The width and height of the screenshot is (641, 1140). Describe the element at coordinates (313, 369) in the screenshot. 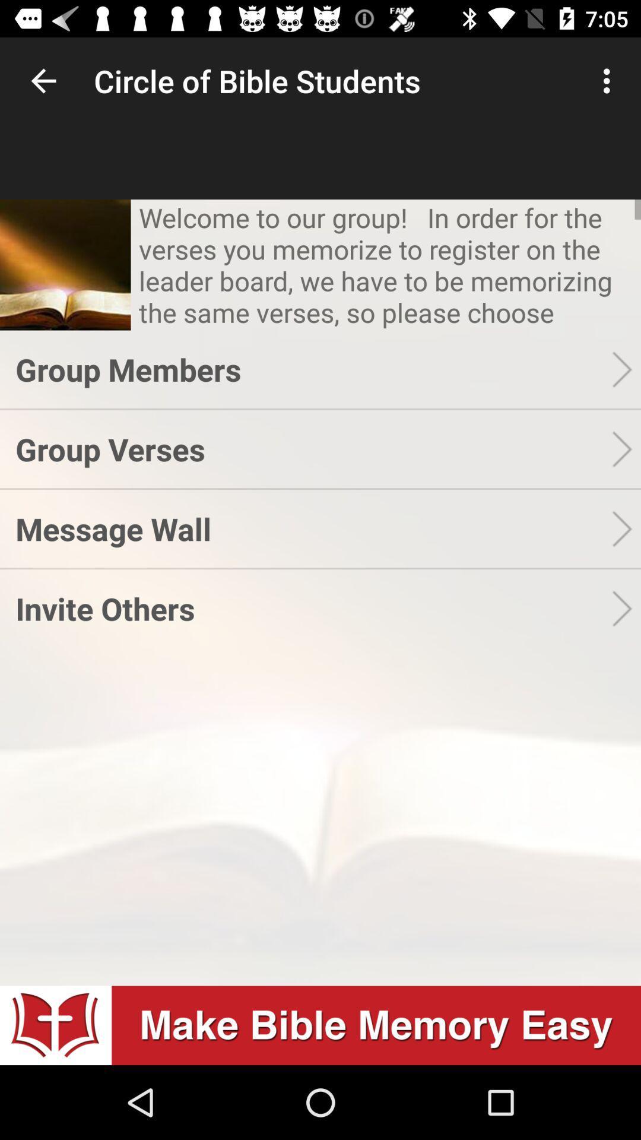

I see `group members app` at that location.